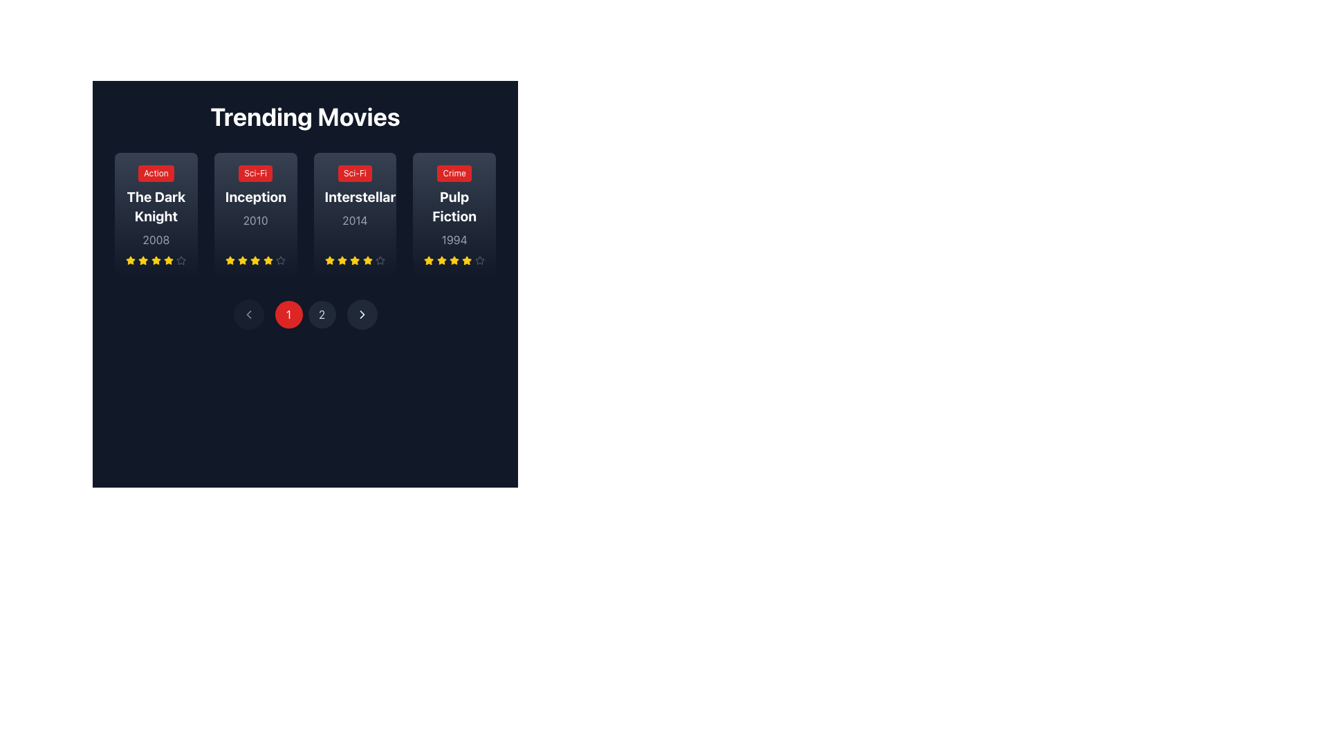  I want to click on the fifth star-shaped yellow icon in the rating system below the 'Pulp Fiction' movie card, so click(454, 260).